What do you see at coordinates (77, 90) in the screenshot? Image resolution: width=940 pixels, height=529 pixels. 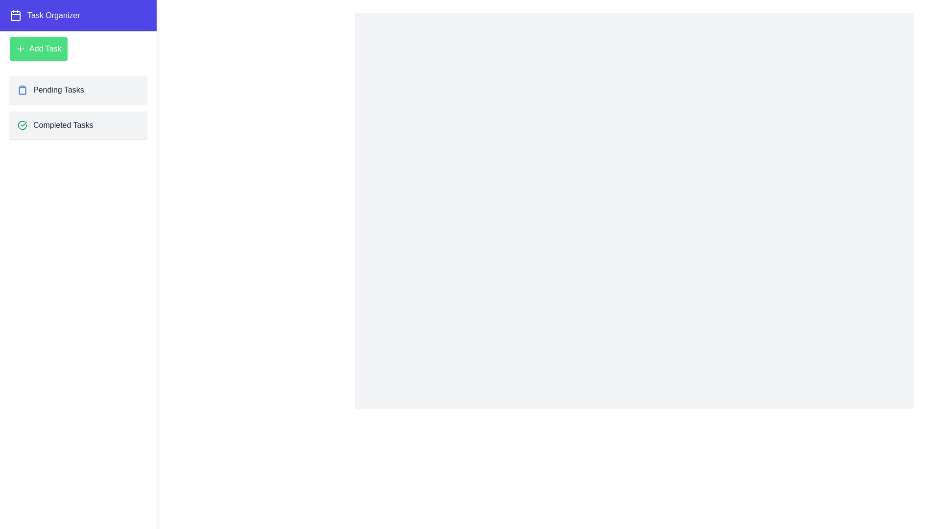 I see `the 'Pending Tasks' item in the drawer to navigate to the 'Pending Tasks' section` at bounding box center [77, 90].